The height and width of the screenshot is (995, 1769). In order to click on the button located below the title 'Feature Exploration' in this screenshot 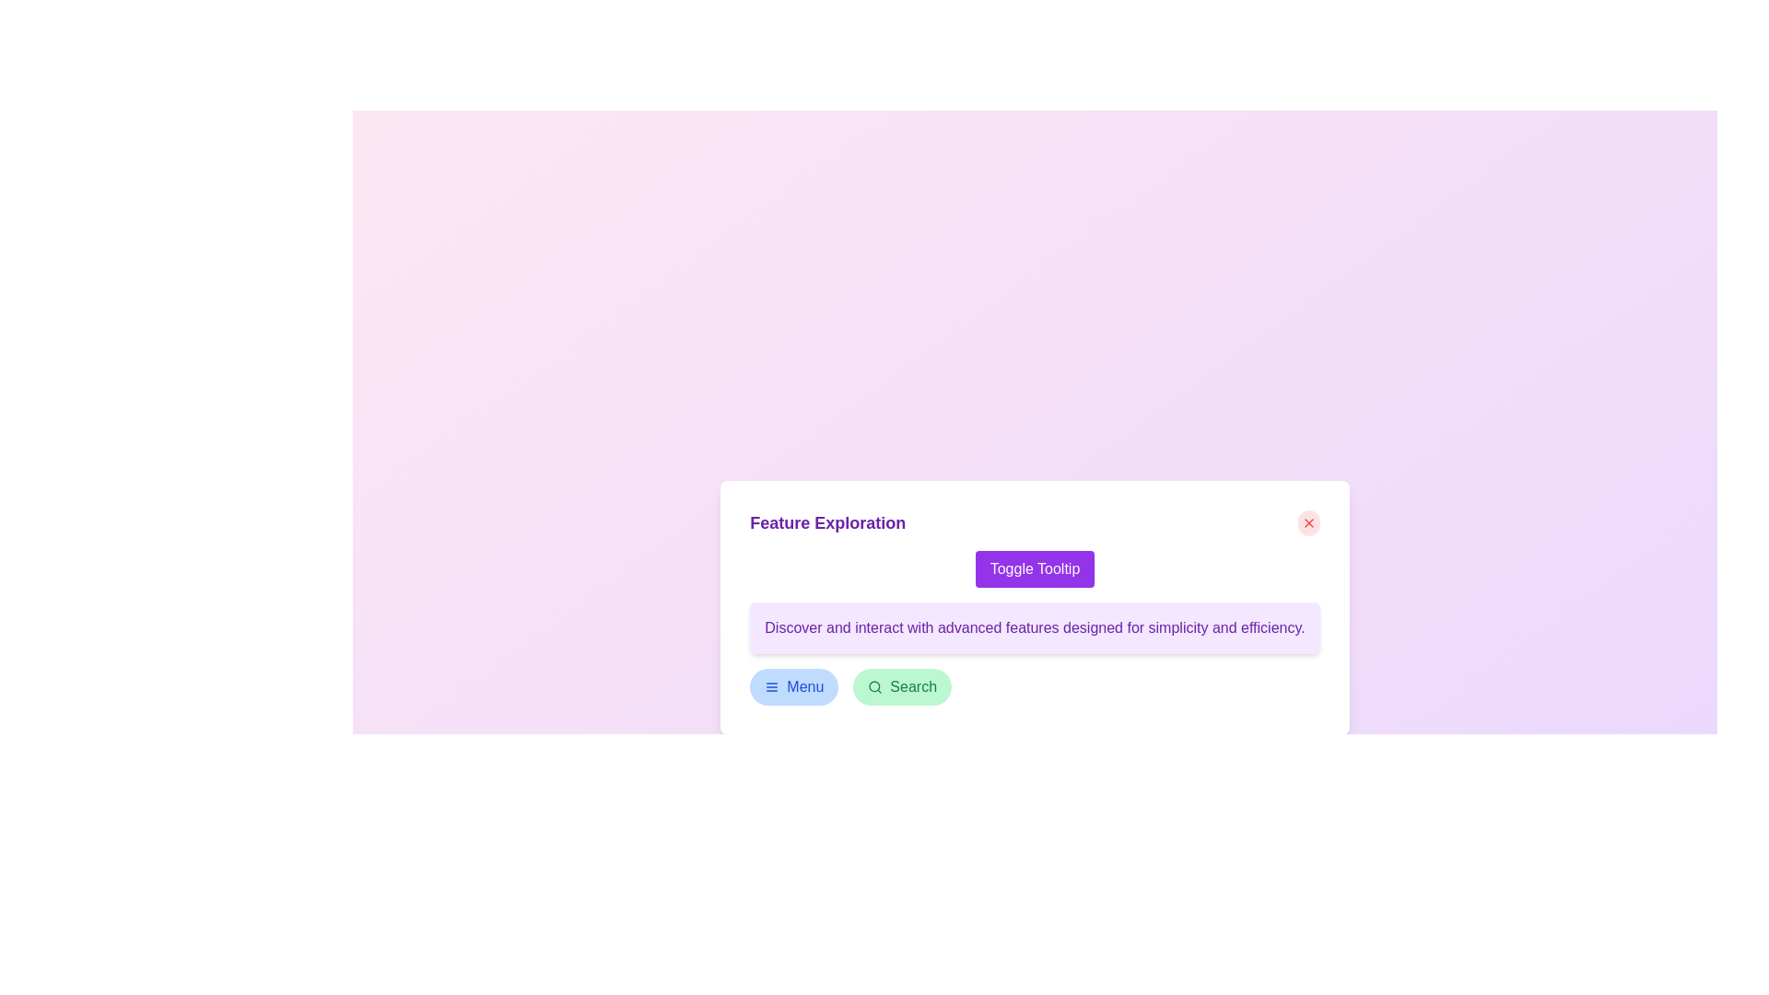, I will do `click(1035, 607)`.